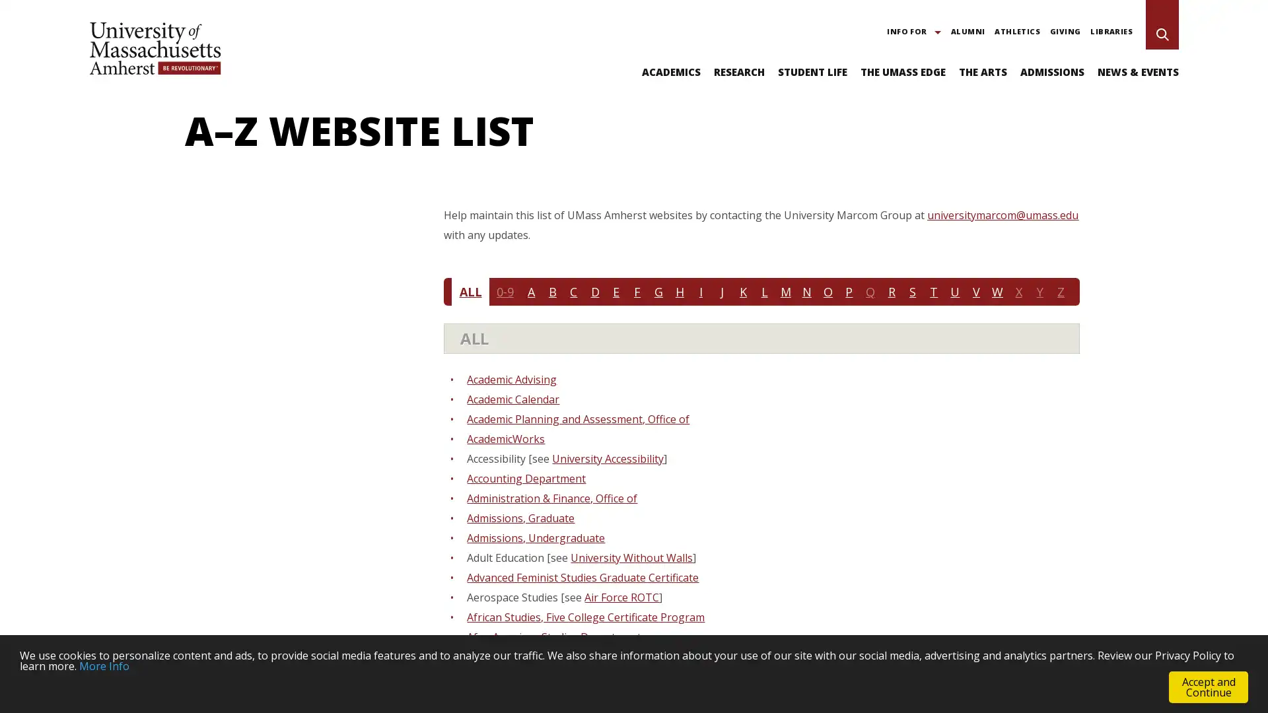  I want to click on Search UMass Amherst, so click(1162, 35).